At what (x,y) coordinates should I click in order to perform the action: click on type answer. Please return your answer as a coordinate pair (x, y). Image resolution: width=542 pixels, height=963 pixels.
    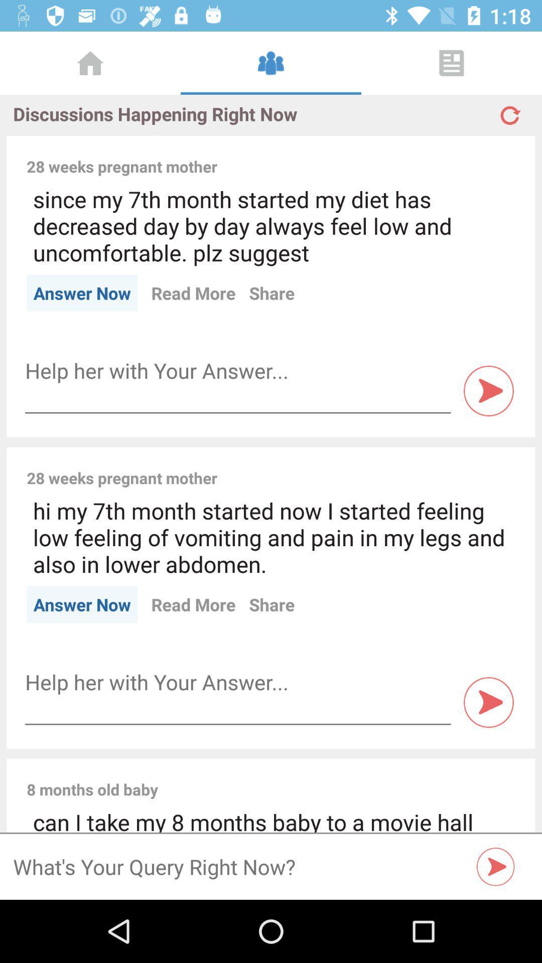
    Looking at the image, I should click on (238, 370).